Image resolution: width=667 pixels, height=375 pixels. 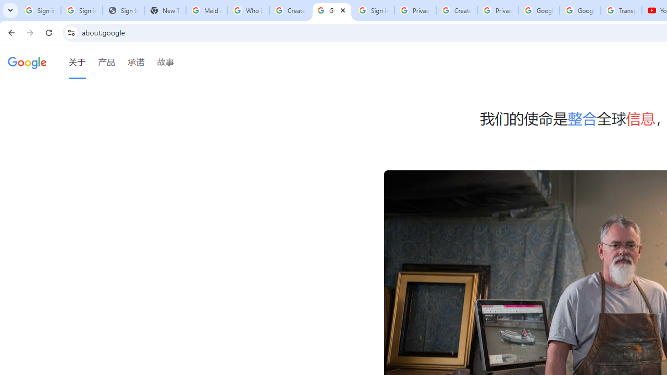 I want to click on 'Create your Google Account', so click(x=456, y=10).